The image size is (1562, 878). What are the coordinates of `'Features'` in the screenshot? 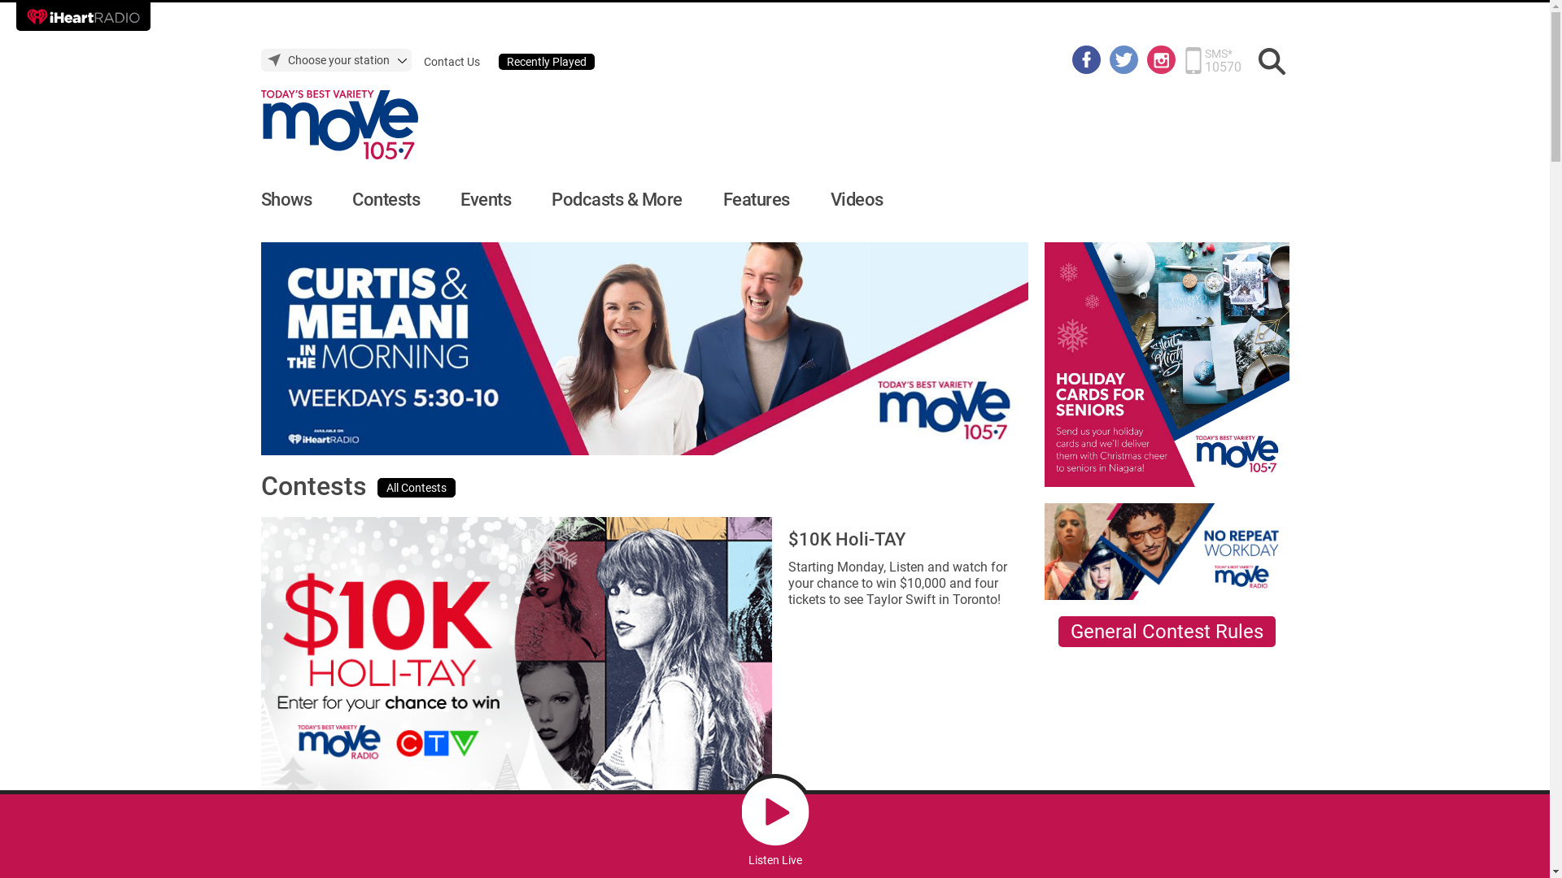 It's located at (755, 199).